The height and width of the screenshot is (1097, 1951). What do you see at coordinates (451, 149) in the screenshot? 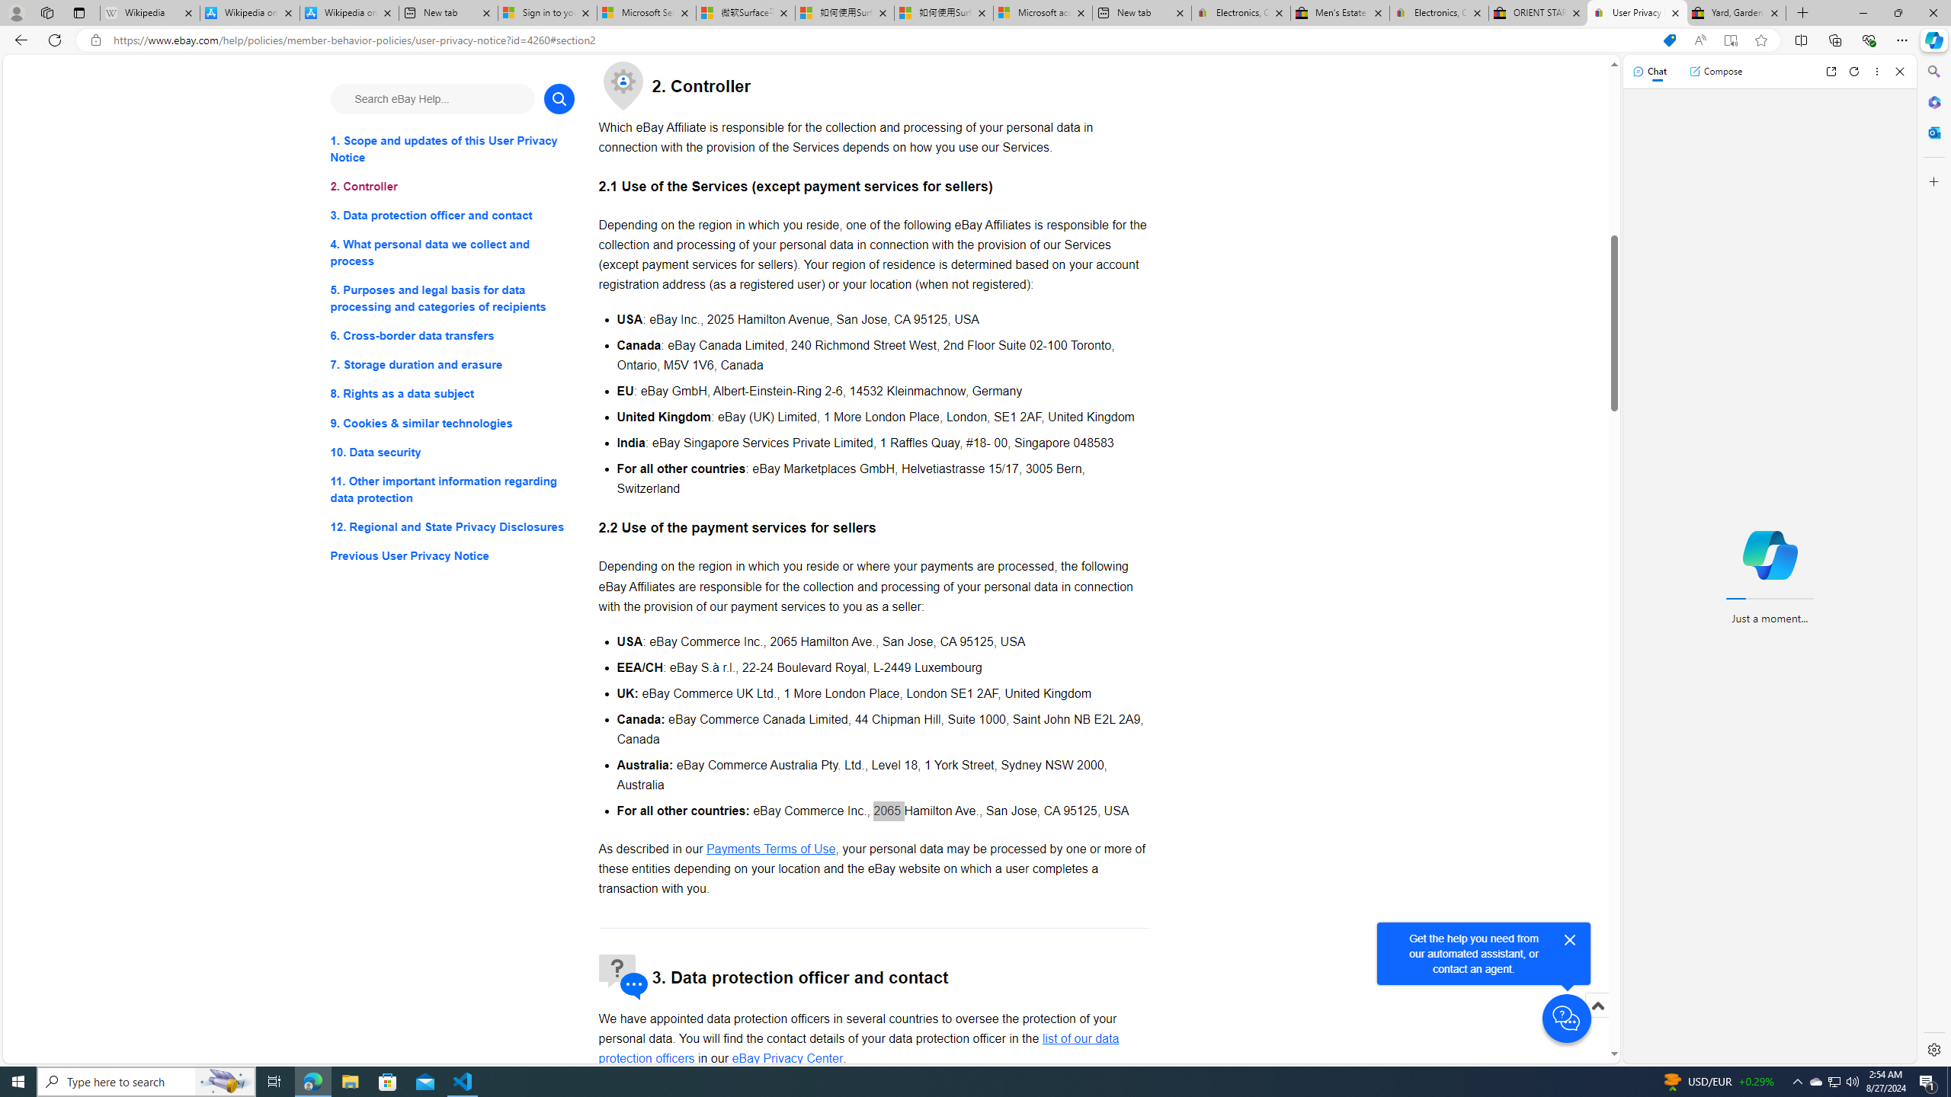
I see `'1. Scope and updates of this User Privacy Notice'` at bounding box center [451, 149].